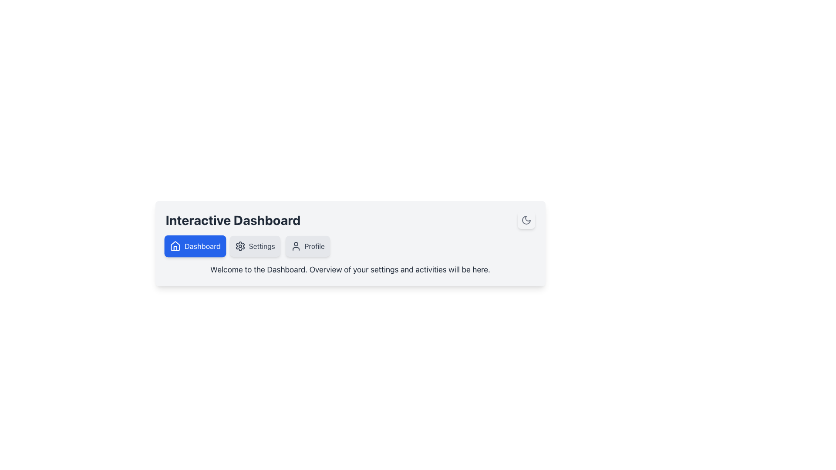  I want to click on the static text that reads 'Welcome to the Dashboard. Overview of your settings and activities will be here.' located within a light-gray box below the navigation buttons, so click(350, 269).